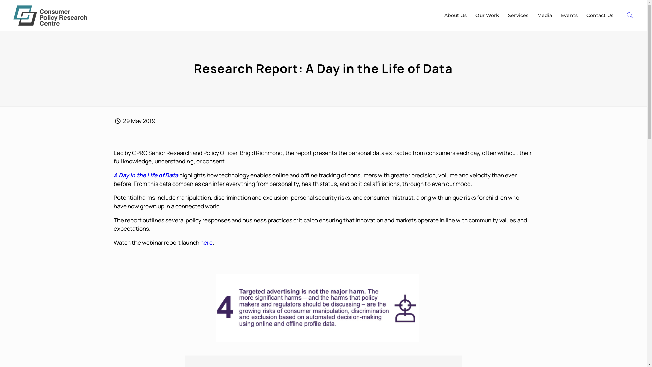 The width and height of the screenshot is (652, 367). I want to click on 'Contact Us', so click(600, 15).